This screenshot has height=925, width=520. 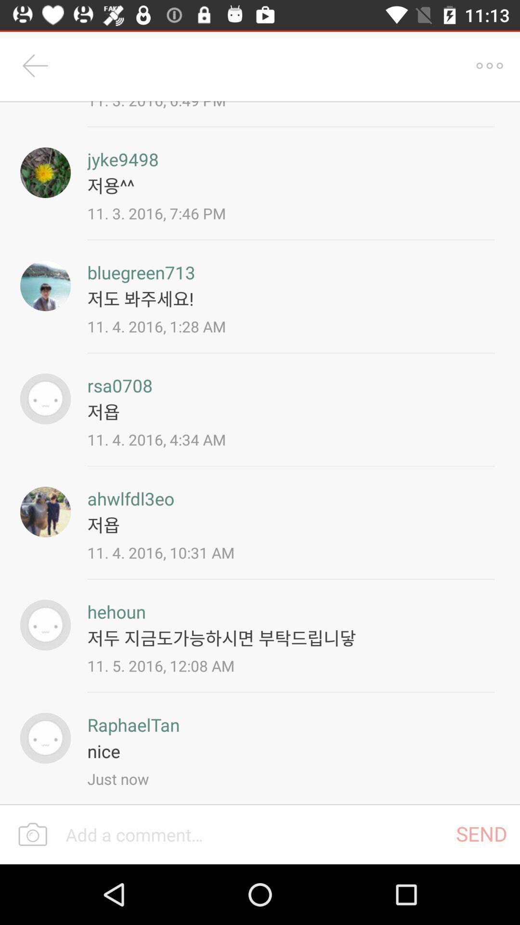 I want to click on rsa0708, so click(x=119, y=385).